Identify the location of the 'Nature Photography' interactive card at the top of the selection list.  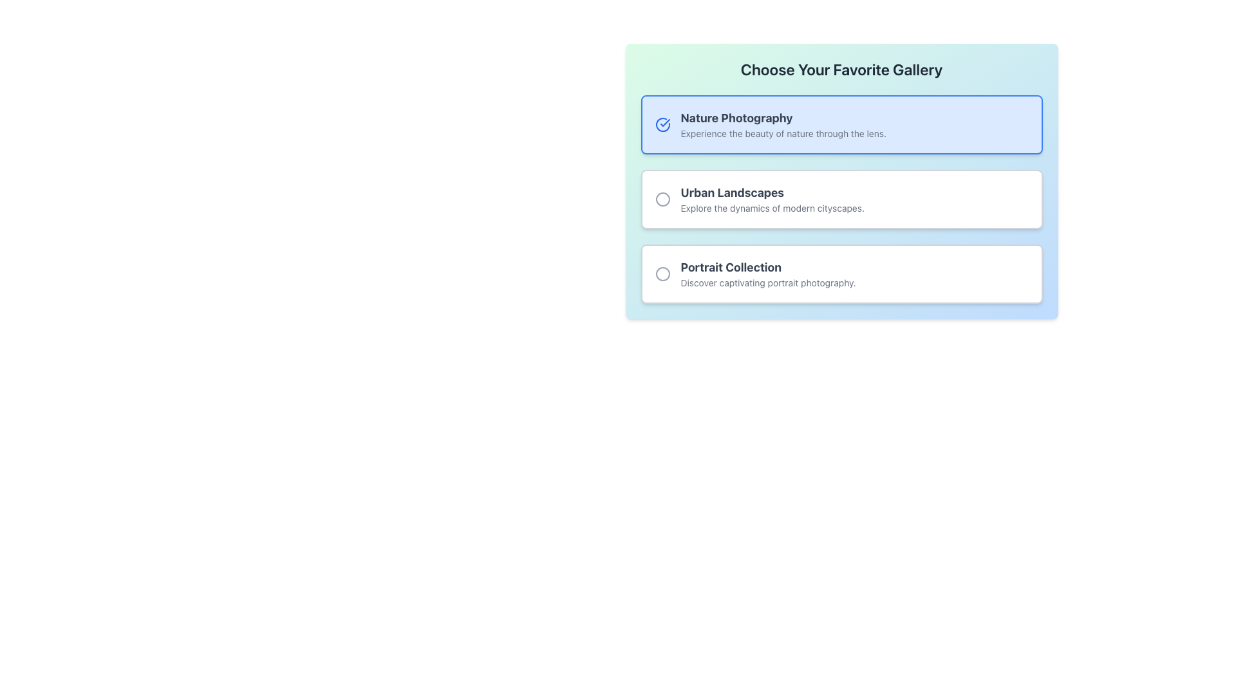
(841, 124).